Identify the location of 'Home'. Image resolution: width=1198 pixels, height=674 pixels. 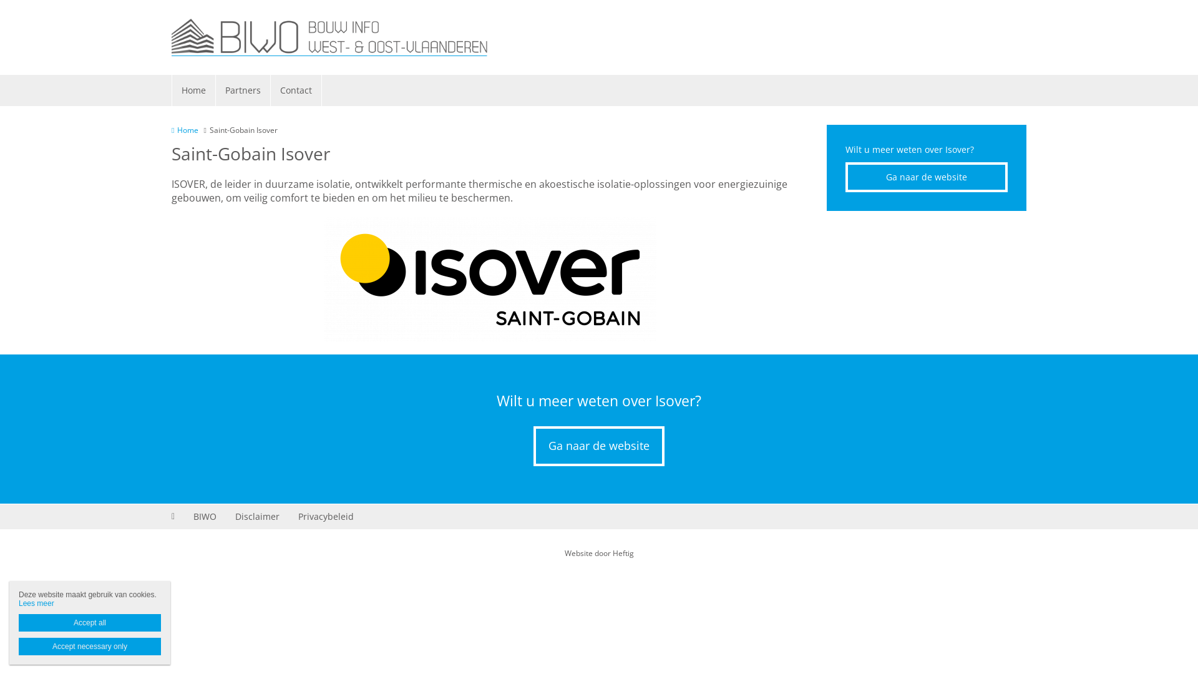
(184, 130).